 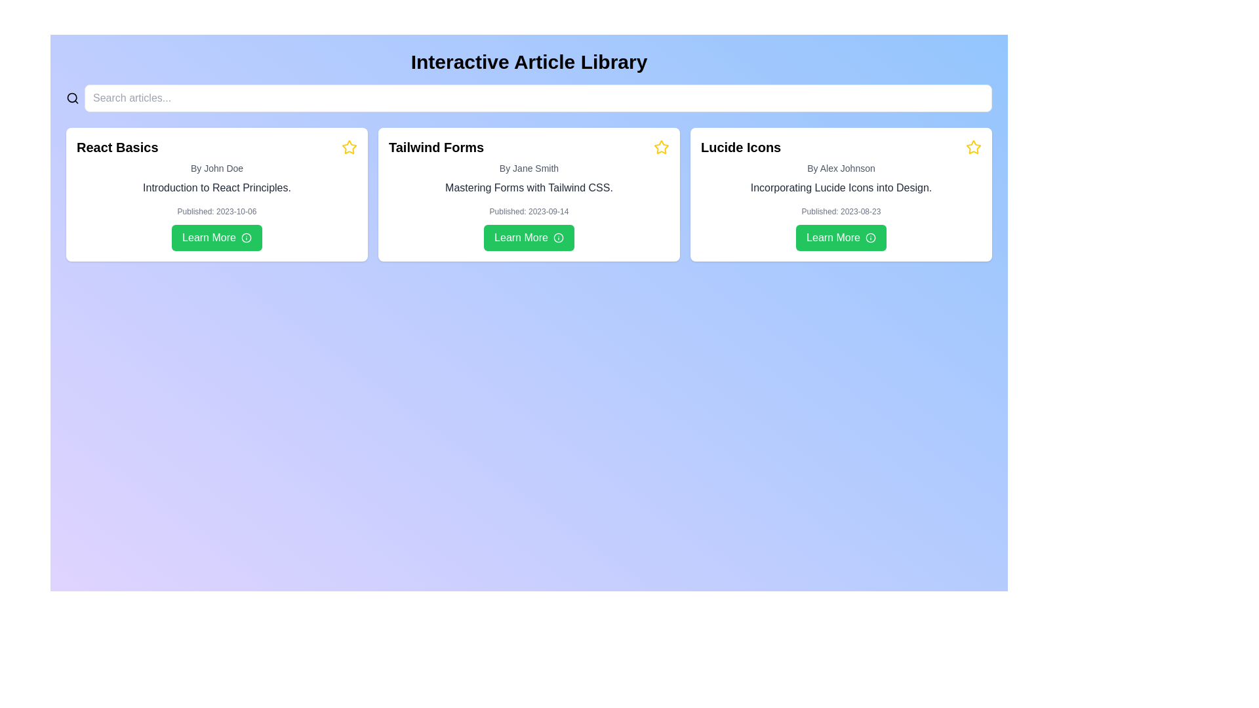 What do you see at coordinates (841, 237) in the screenshot?
I see `the button located at the bottom of the 'Lucide Icons' card` at bounding box center [841, 237].